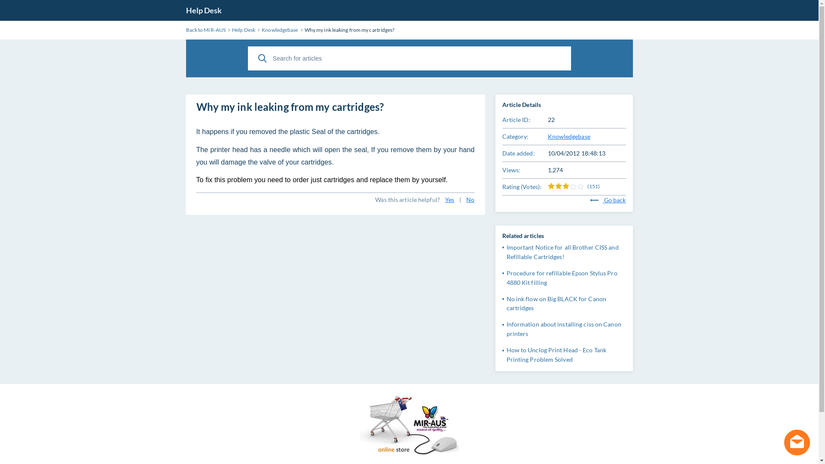  Describe the element at coordinates (796, 442) in the screenshot. I see `'Live chat offline'` at that location.